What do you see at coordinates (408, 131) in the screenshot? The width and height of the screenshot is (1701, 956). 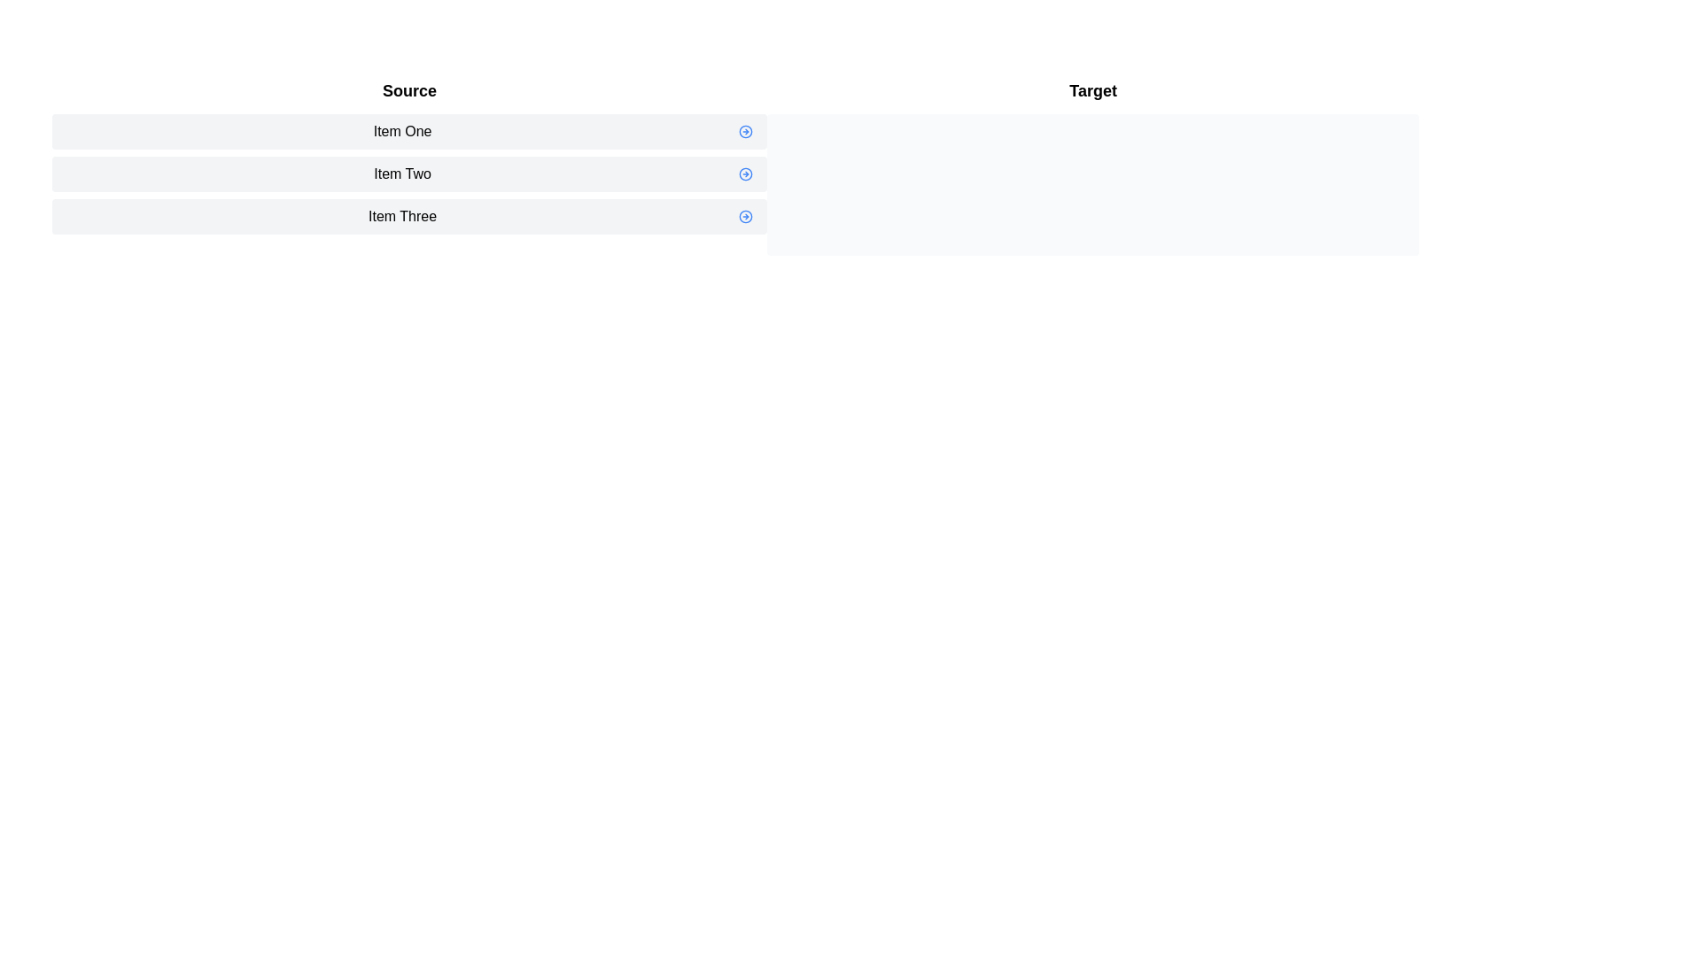 I see `the non-interactive text label displaying 'Item One', which is the first of three list items in the 'Source' column located in the top-left section of the interface` at bounding box center [408, 131].